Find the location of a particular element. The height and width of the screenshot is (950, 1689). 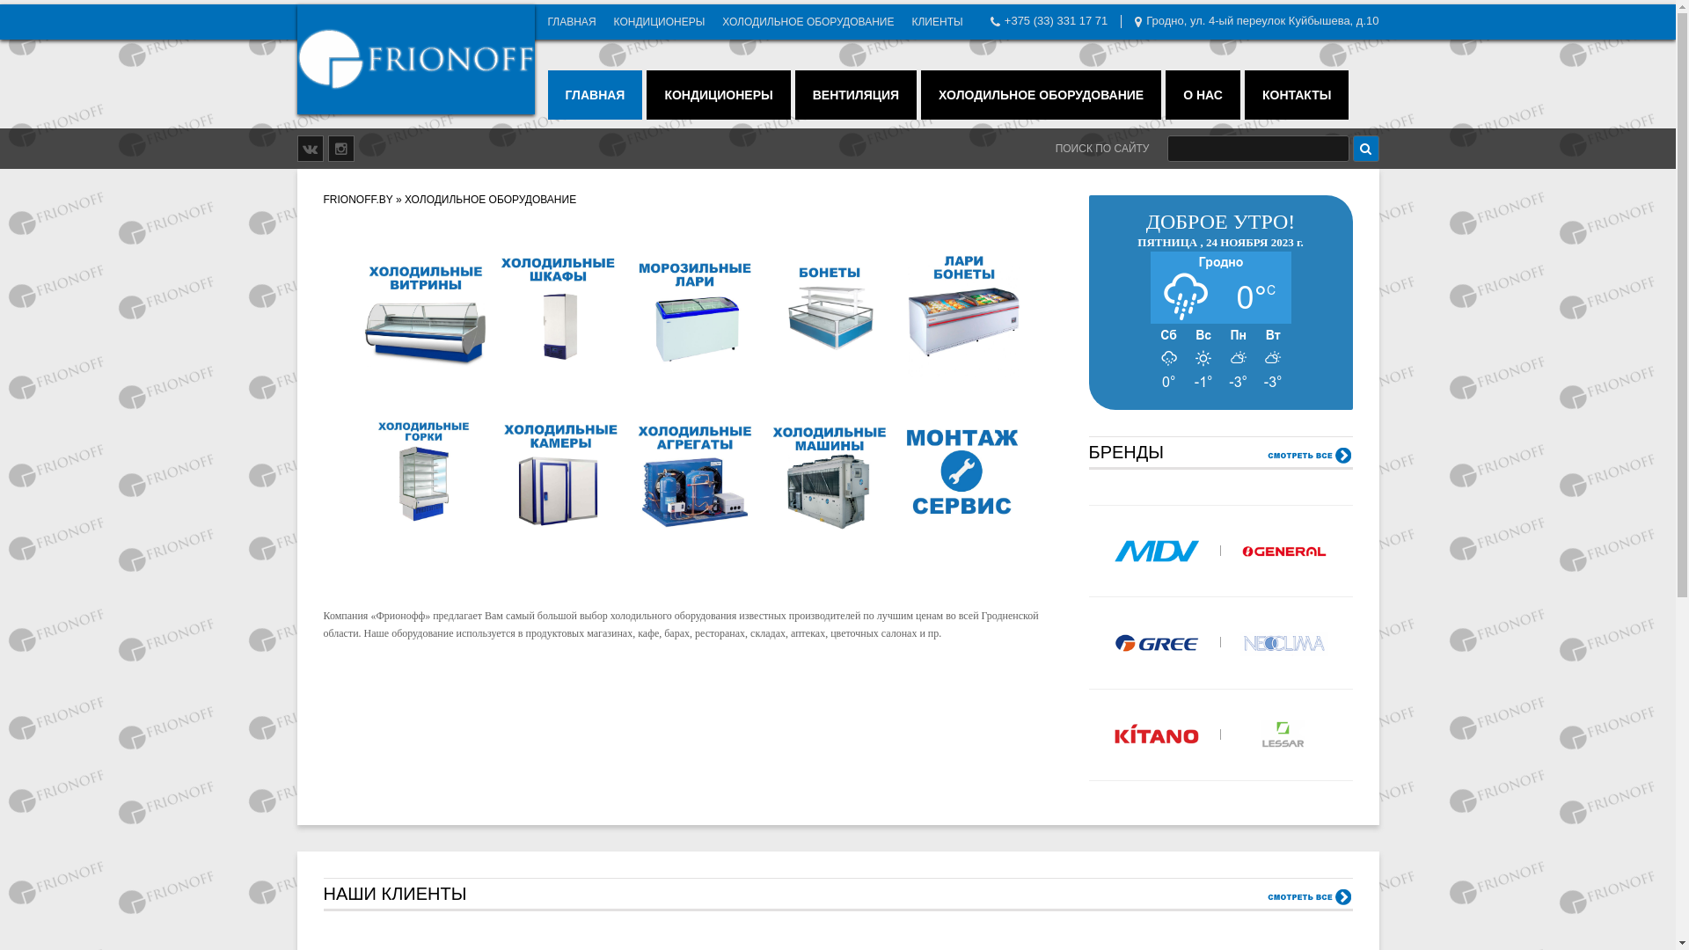

'+375 (33) 331 17 71' is located at coordinates (1056, 20).